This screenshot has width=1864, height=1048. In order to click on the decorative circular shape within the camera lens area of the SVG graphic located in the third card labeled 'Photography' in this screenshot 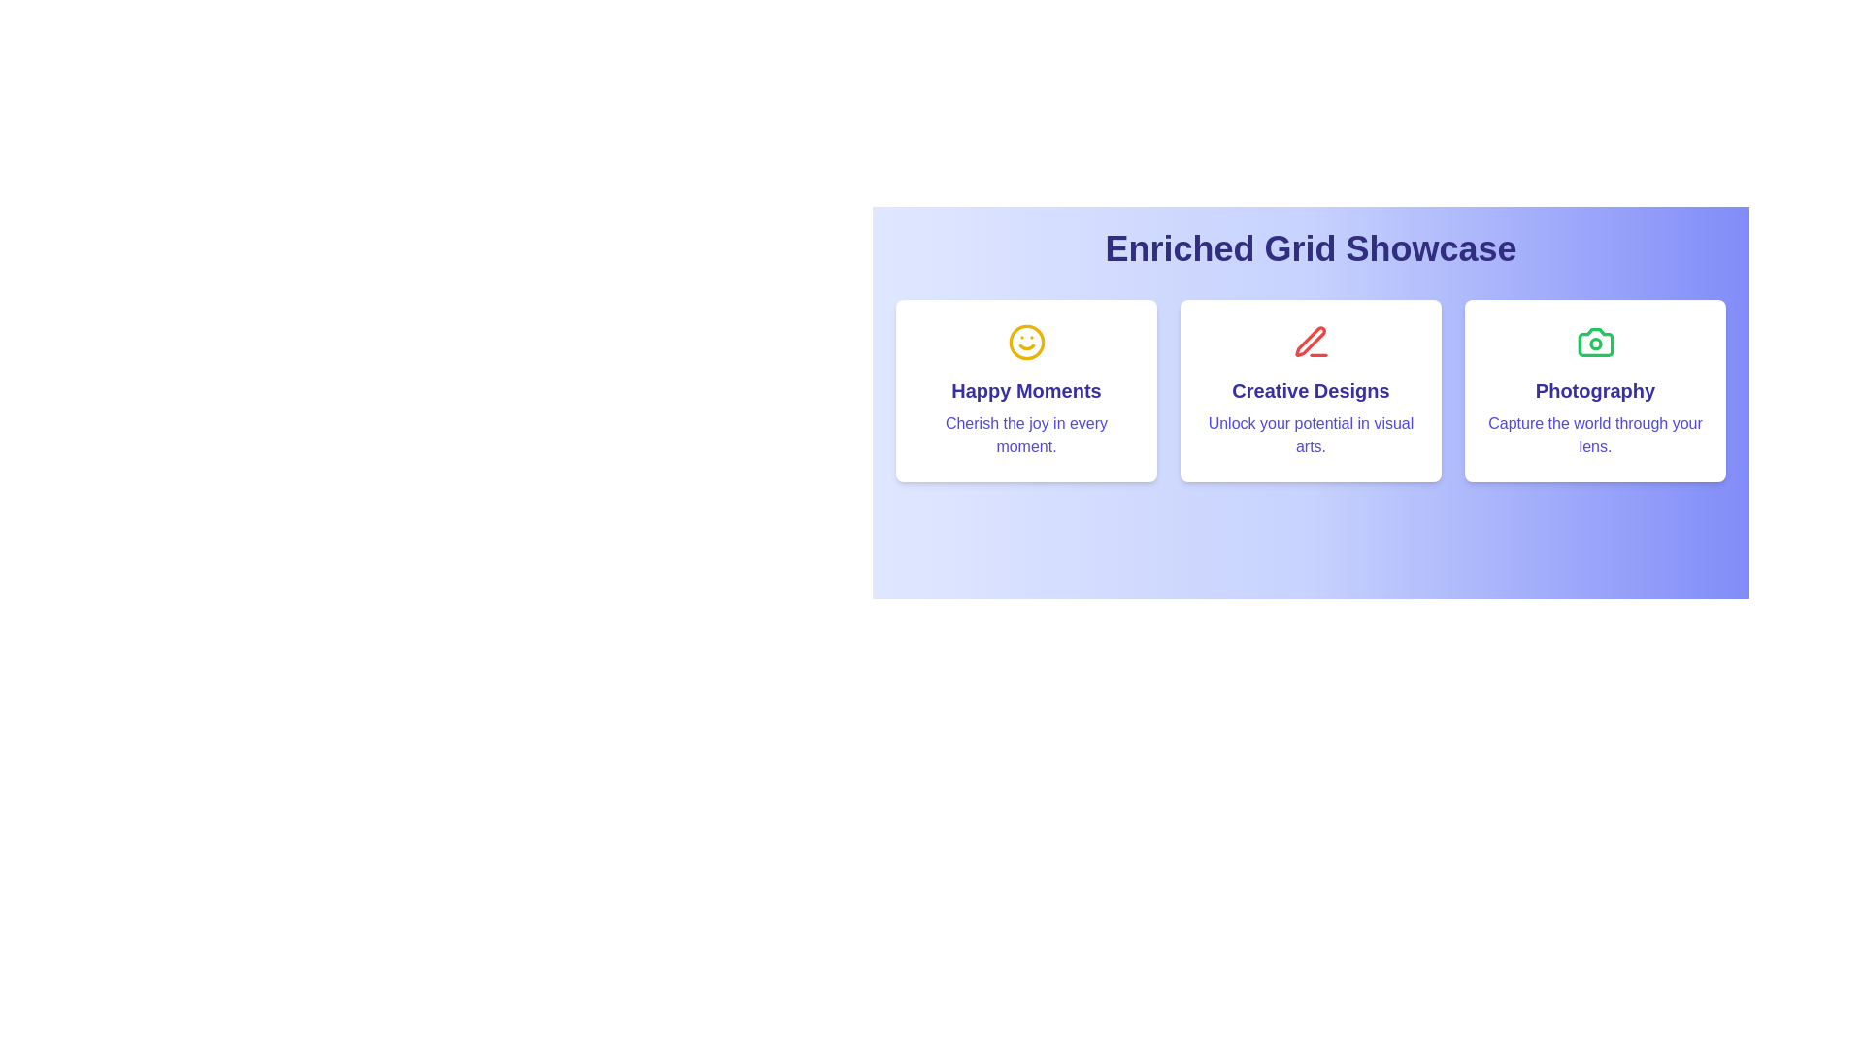, I will do `click(1595, 343)`.